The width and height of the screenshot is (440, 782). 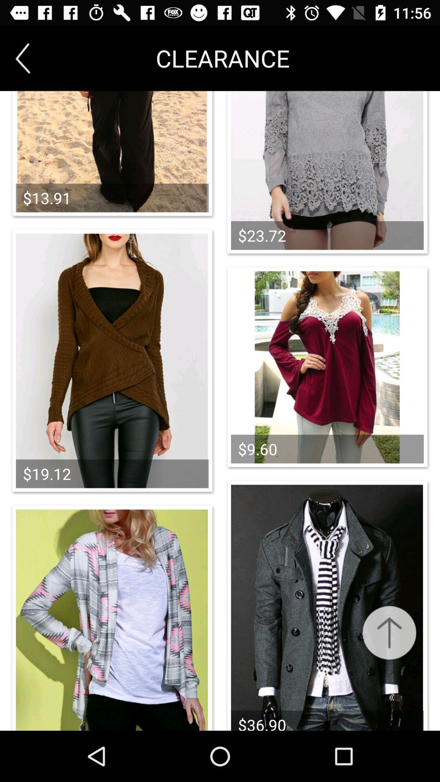 I want to click on item next to clearance icon, so click(x=22, y=58).